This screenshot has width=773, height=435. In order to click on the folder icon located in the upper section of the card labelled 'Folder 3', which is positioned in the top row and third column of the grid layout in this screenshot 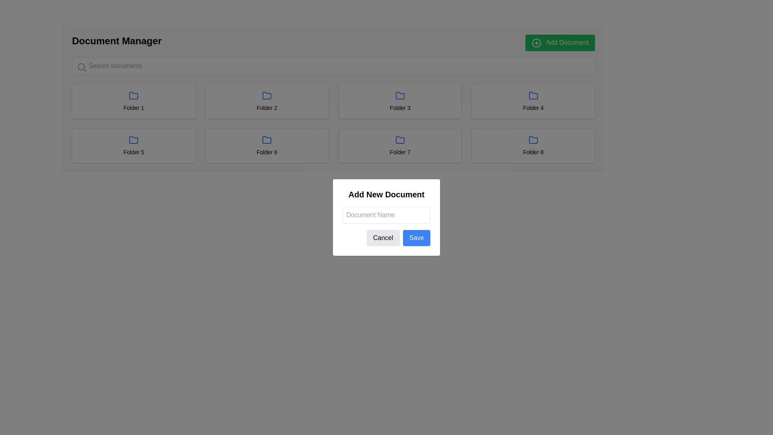, I will do `click(400, 95)`.